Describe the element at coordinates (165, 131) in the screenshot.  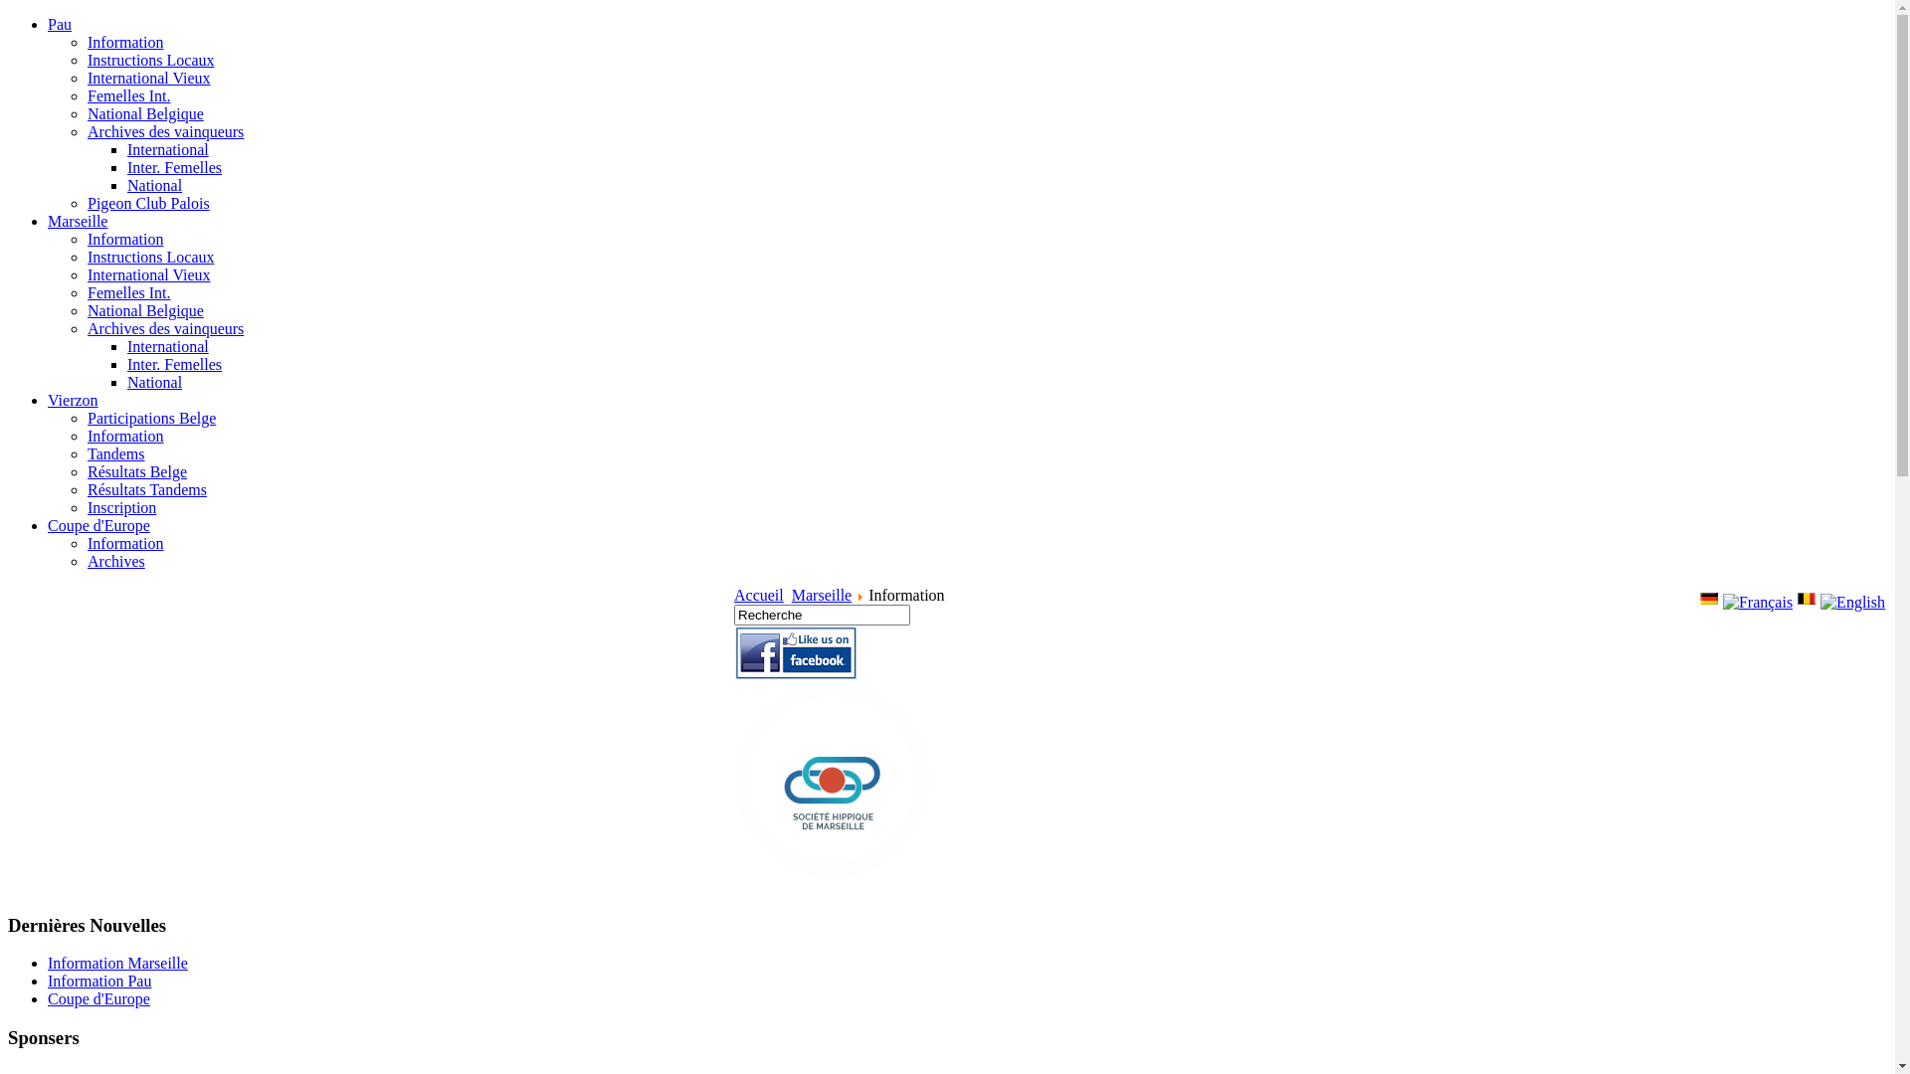
I see `'Archives des vainqueurs'` at that location.